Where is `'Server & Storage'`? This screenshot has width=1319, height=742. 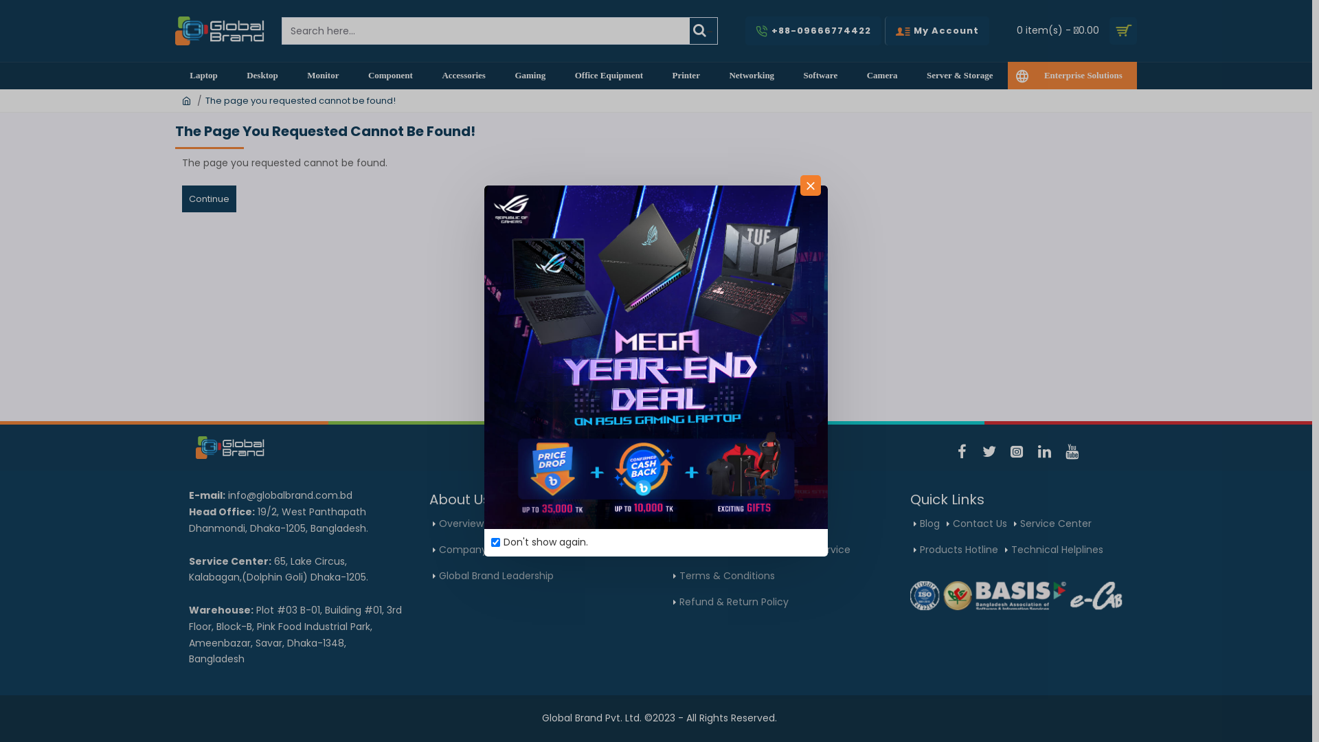 'Server & Storage' is located at coordinates (959, 76).